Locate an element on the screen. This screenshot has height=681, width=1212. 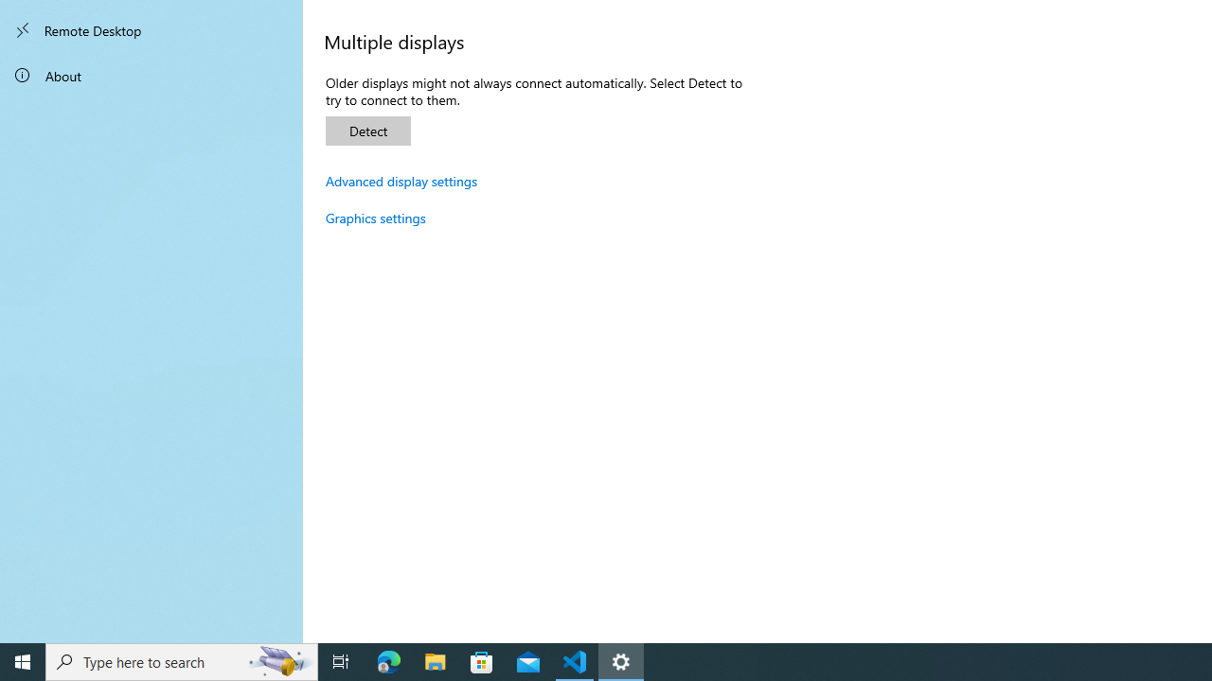
'Graphics settings' is located at coordinates (376, 217).